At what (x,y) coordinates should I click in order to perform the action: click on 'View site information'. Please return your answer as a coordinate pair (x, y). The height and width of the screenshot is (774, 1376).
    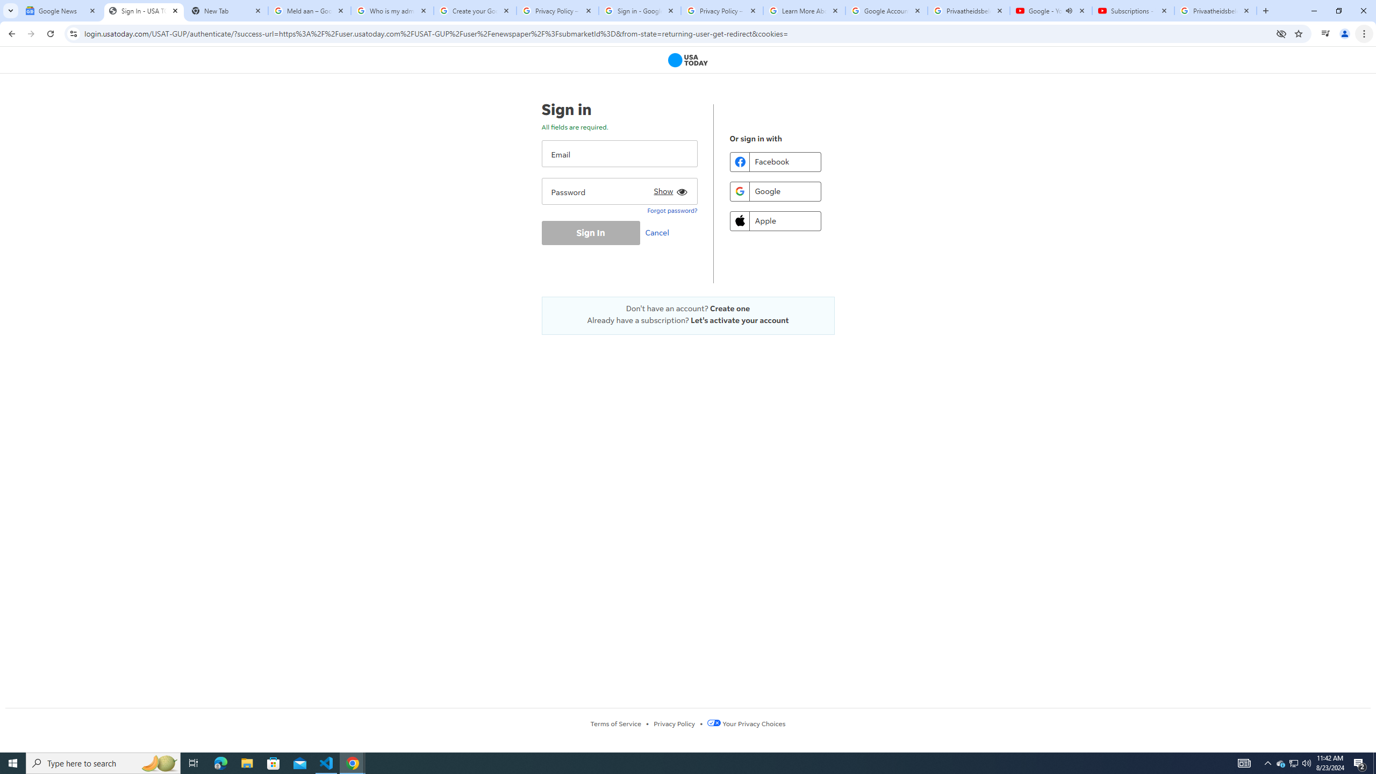
    Looking at the image, I should click on (73, 33).